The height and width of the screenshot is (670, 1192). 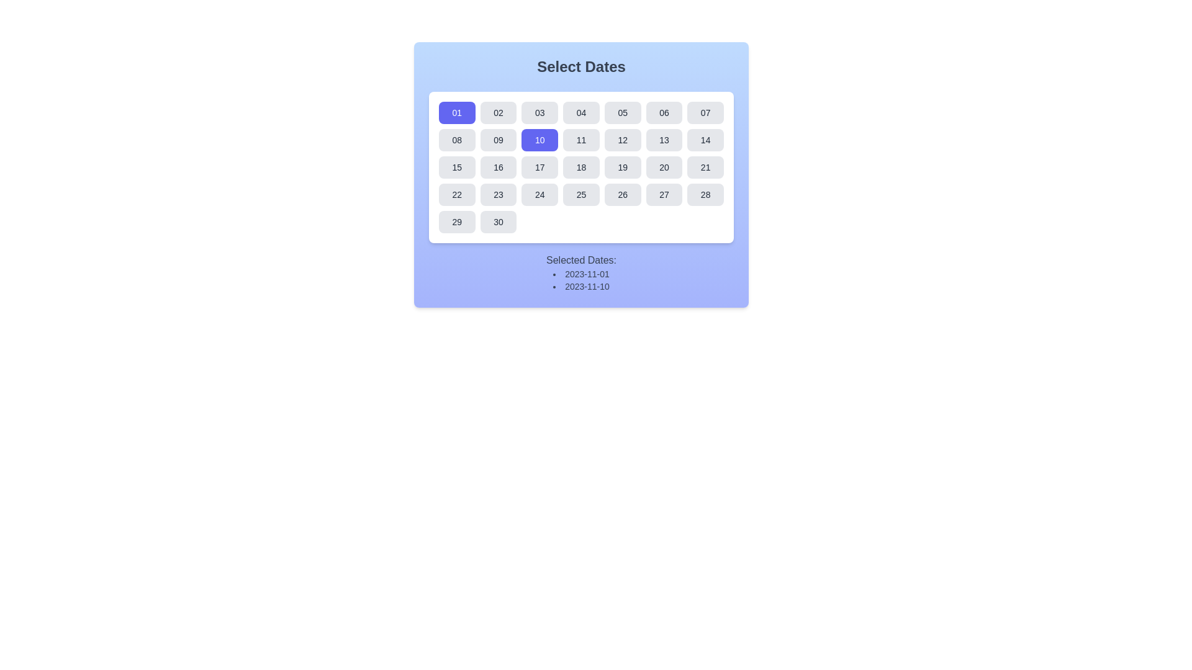 What do you see at coordinates (456, 194) in the screenshot?
I see `the button representing the 22nd date in the calendar interface located in the fourth row and first column of the grid layout` at bounding box center [456, 194].